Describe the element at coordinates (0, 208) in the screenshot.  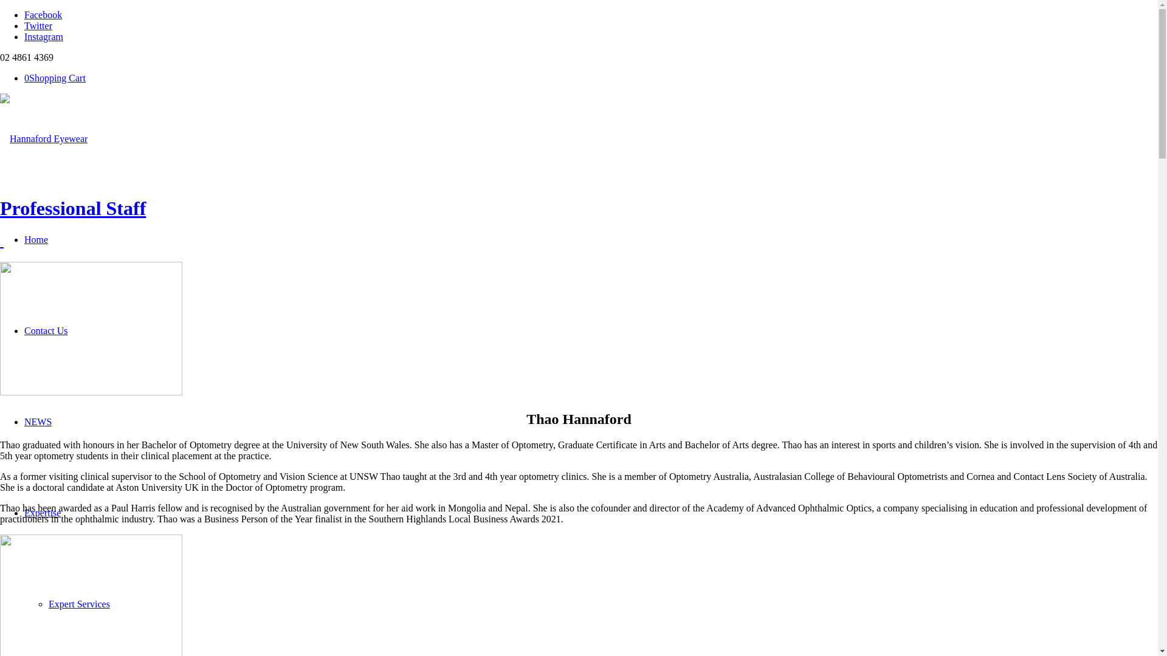
I see `'Professional Staff'` at that location.